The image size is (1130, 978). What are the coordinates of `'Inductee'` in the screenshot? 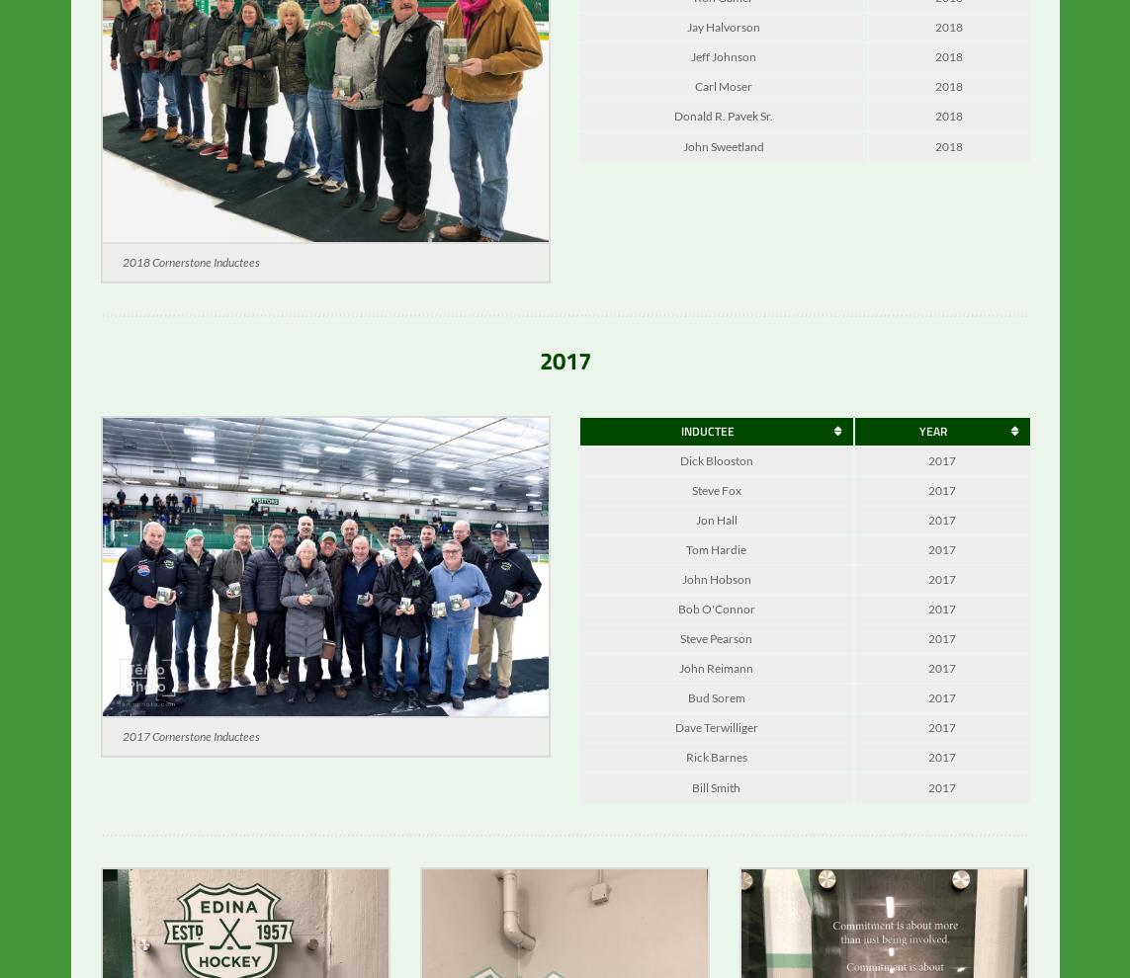 It's located at (706, 445).